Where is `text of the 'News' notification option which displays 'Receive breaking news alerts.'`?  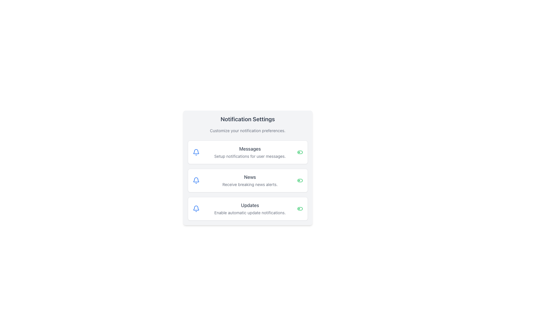
text of the 'News' notification option which displays 'Receive breaking news alerts.' is located at coordinates (250, 180).